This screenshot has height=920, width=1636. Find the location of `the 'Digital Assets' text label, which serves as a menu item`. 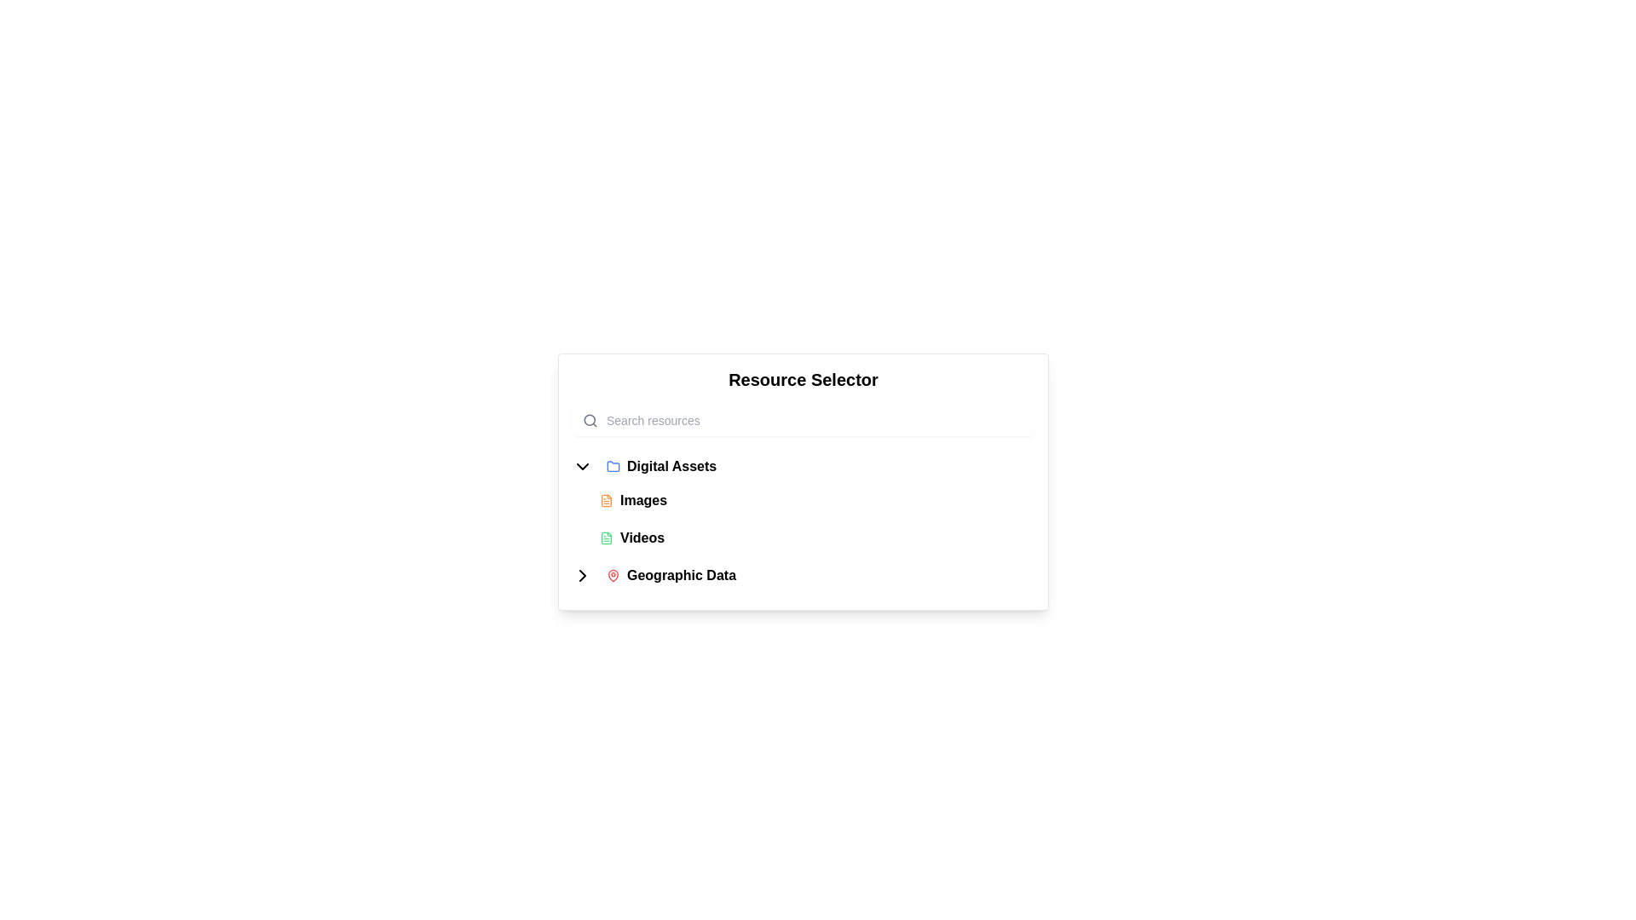

the 'Digital Assets' text label, which serves as a menu item is located at coordinates (671, 466).